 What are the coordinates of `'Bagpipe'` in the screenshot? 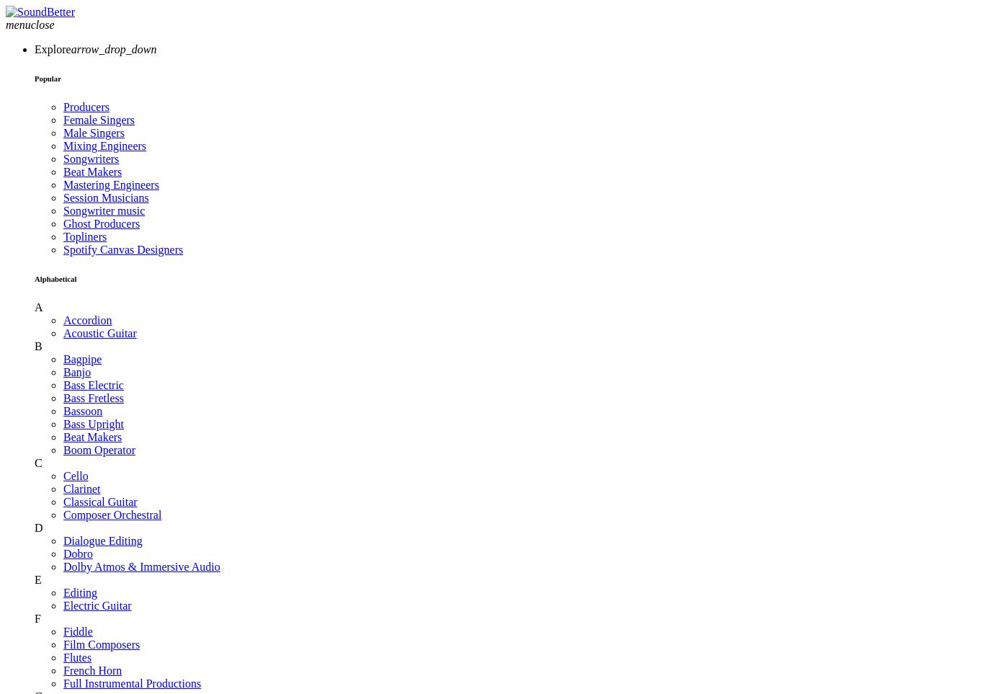 It's located at (82, 358).